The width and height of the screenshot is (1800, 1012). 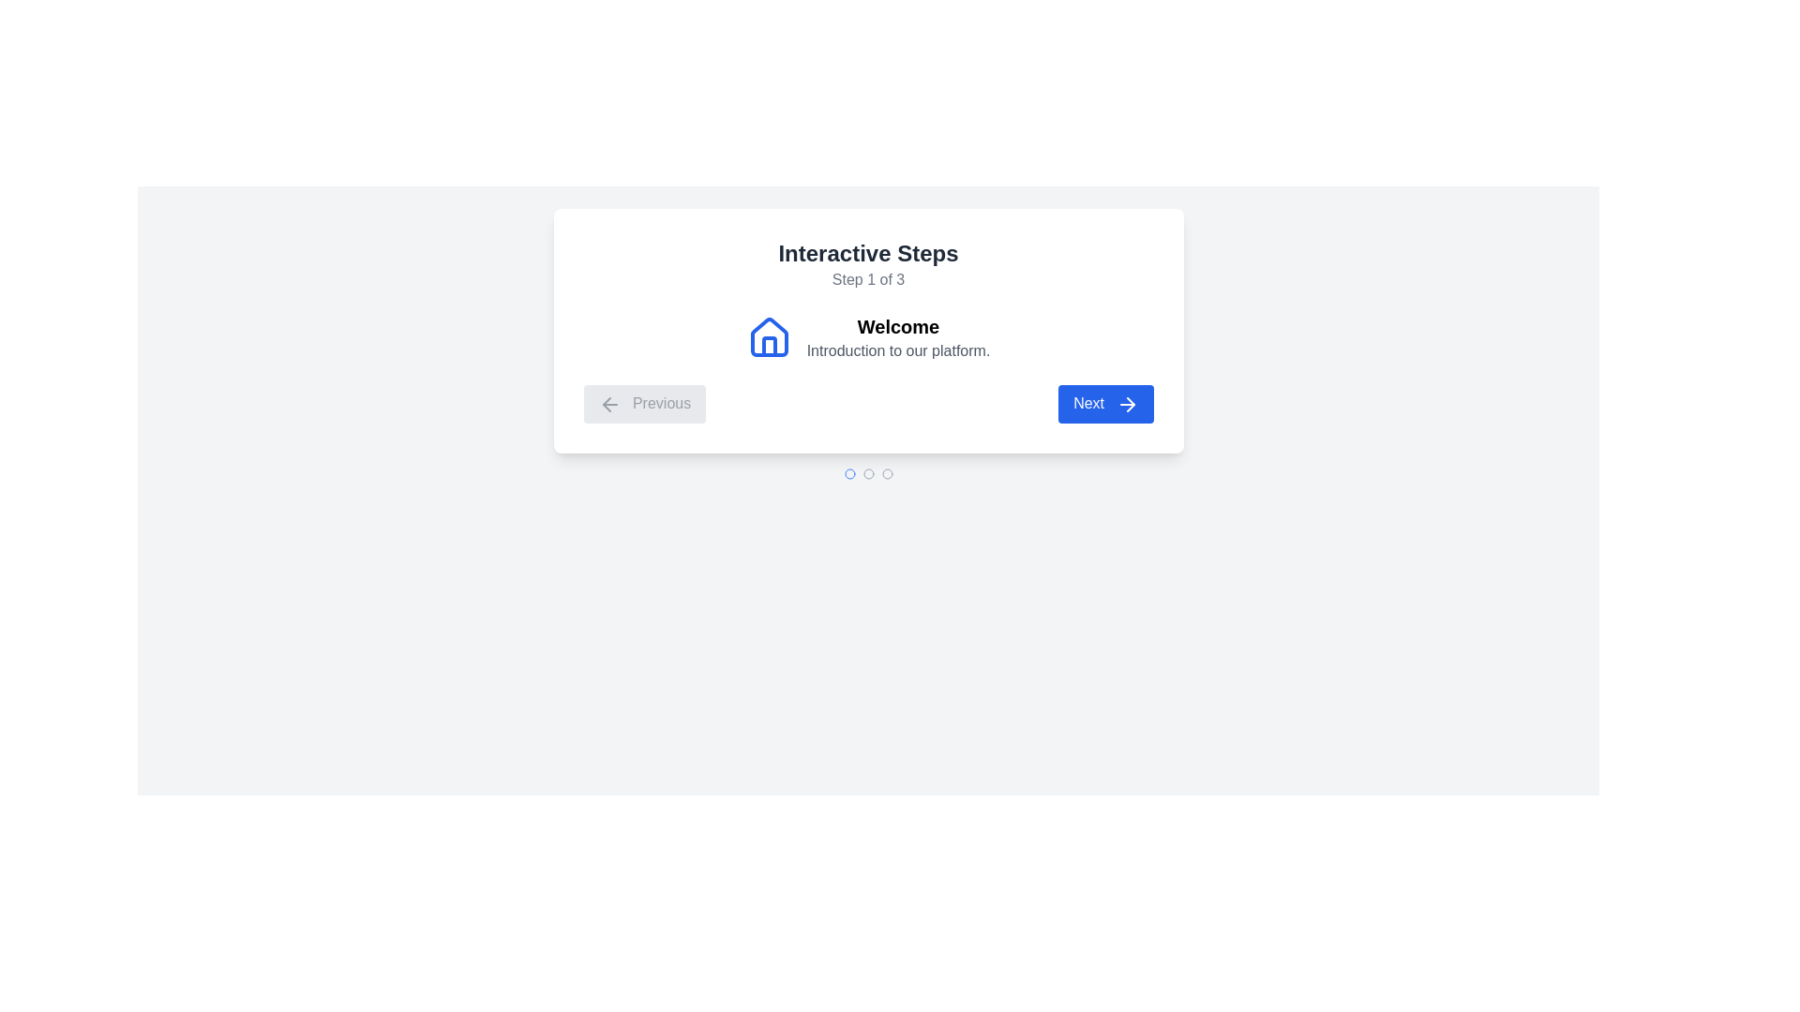 What do you see at coordinates (867, 472) in the screenshot?
I see `the filled gray circle of the Progress indicator` at bounding box center [867, 472].